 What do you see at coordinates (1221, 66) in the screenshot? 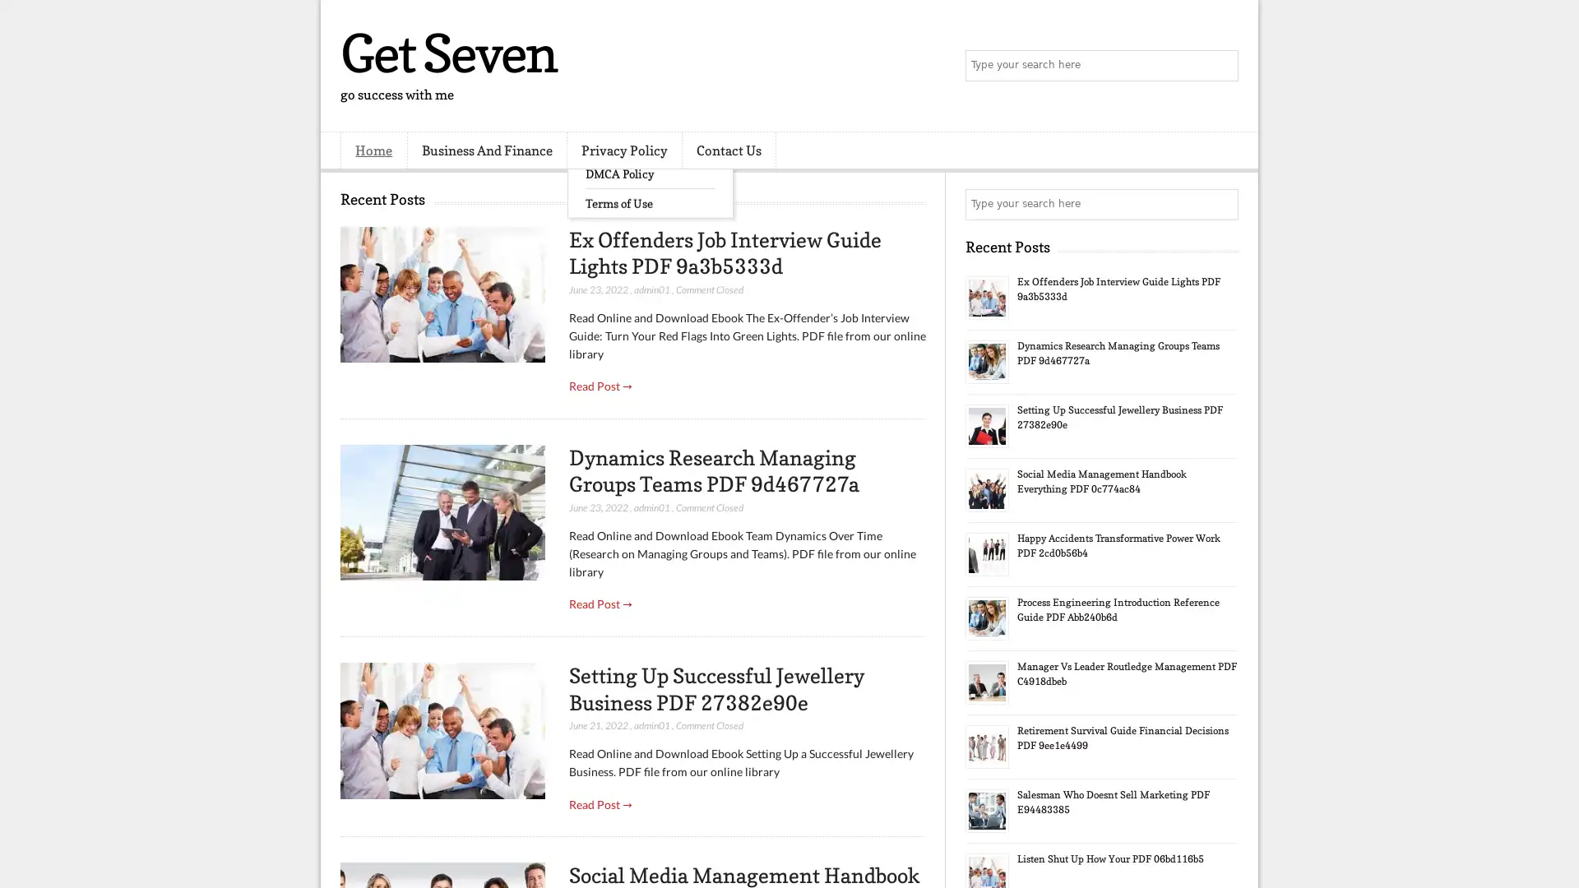
I see `Search` at bounding box center [1221, 66].